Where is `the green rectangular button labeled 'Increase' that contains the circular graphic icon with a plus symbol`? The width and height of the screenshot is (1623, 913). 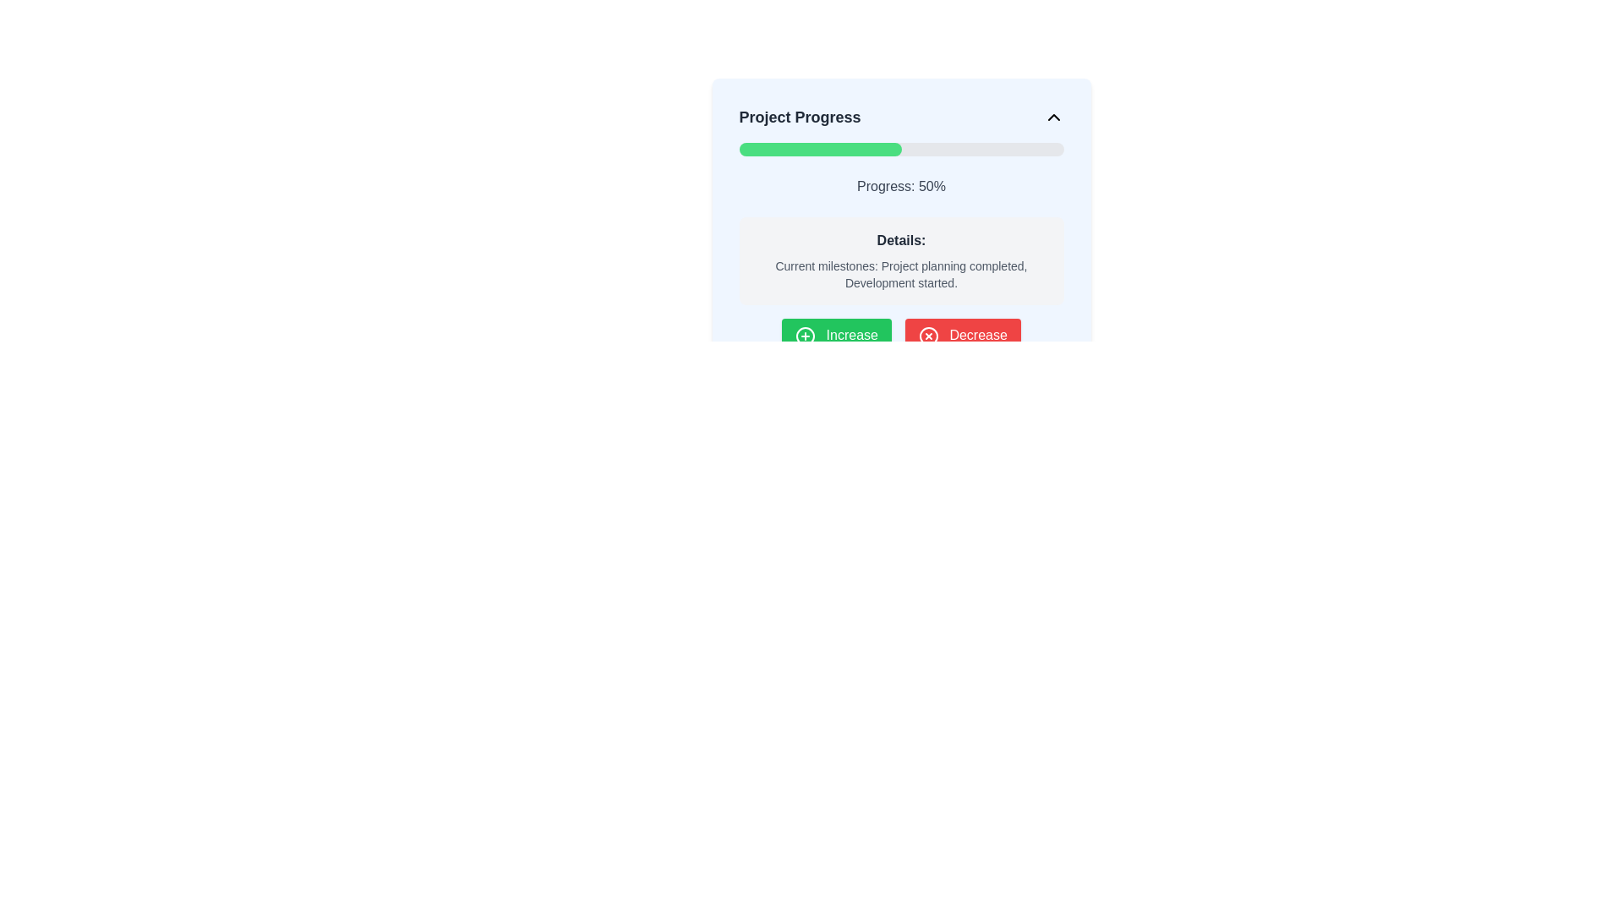
the green rectangular button labeled 'Increase' that contains the circular graphic icon with a plus symbol is located at coordinates (805, 336).